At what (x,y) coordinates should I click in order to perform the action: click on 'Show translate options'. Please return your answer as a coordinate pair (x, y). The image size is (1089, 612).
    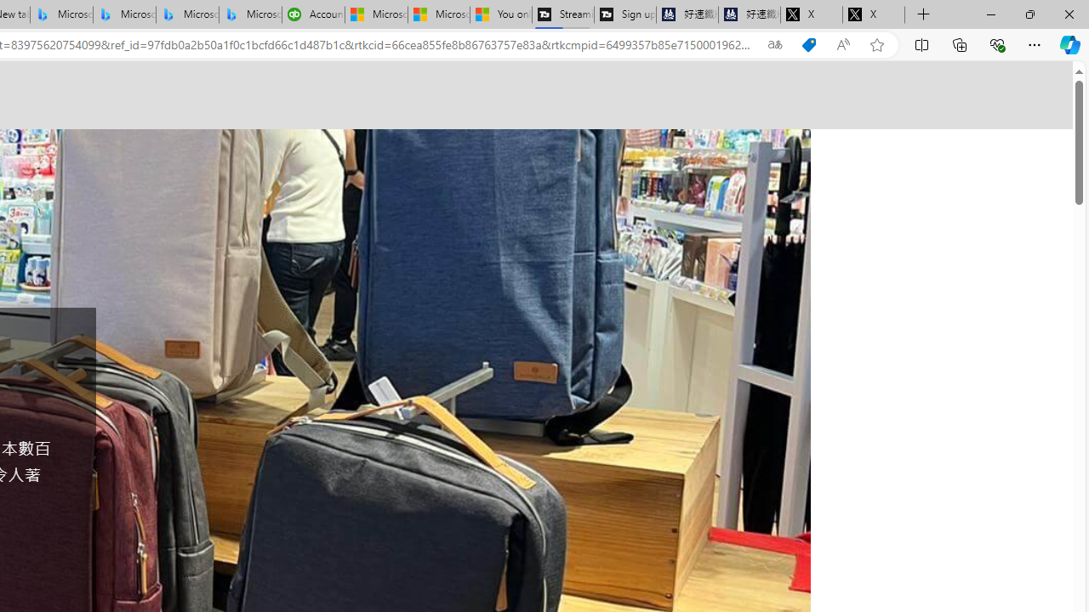
    Looking at the image, I should click on (773, 44).